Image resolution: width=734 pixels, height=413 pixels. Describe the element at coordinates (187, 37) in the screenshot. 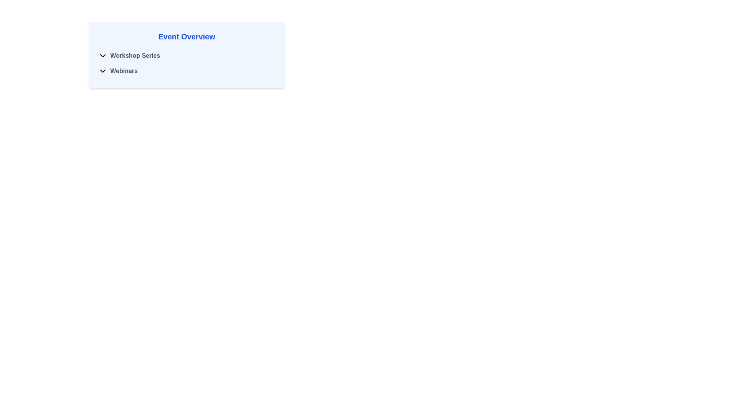

I see `the header text labeled 'Event Overview' styled in large blue bold font at the top center of the light blue background panel` at that location.